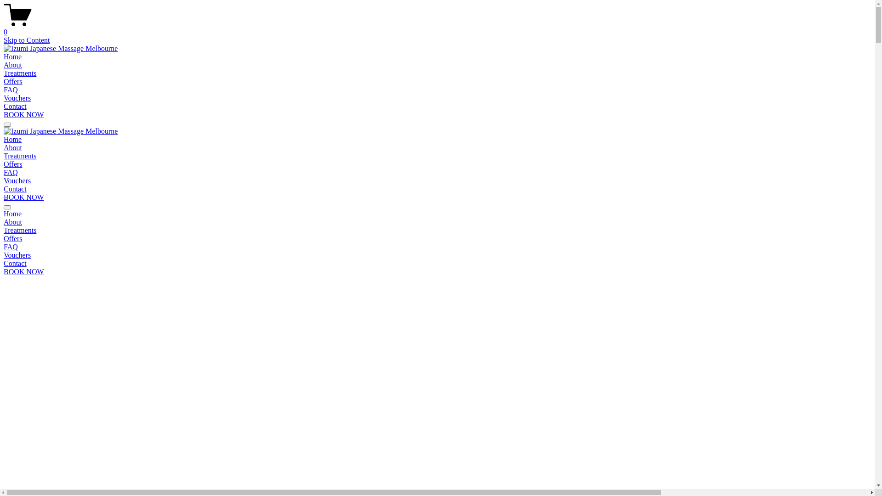  Describe the element at coordinates (17, 98) in the screenshot. I see `'Vouchers'` at that location.